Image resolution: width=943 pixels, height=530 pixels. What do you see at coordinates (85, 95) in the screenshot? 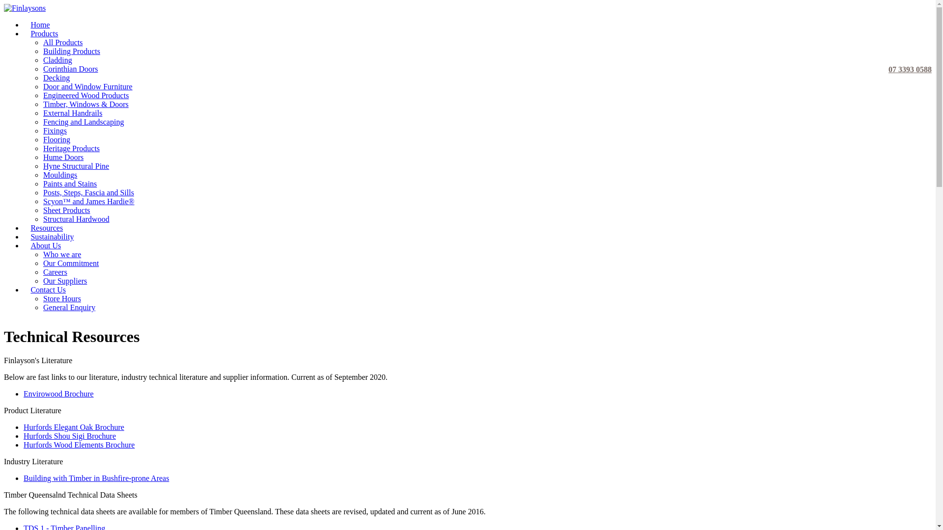
I see `'Engineered Wood Products'` at bounding box center [85, 95].